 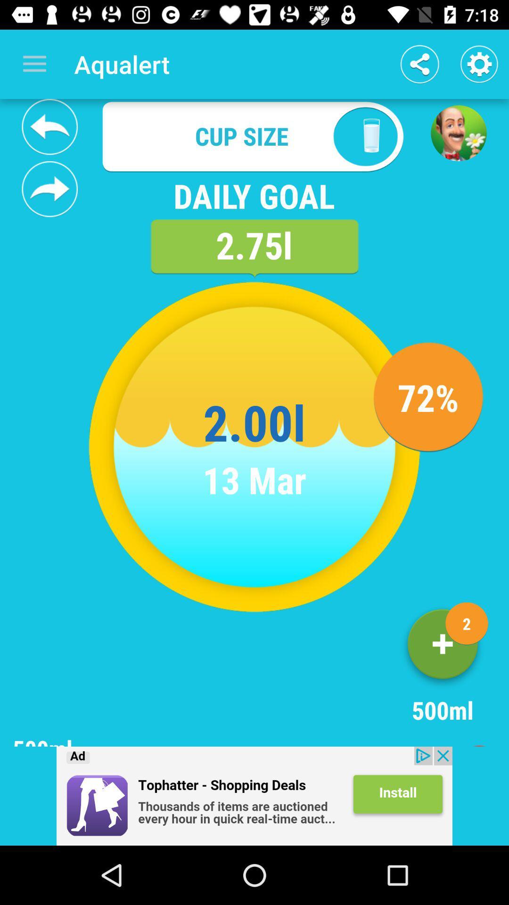 I want to click on the backward button on the web page, so click(x=49, y=126).